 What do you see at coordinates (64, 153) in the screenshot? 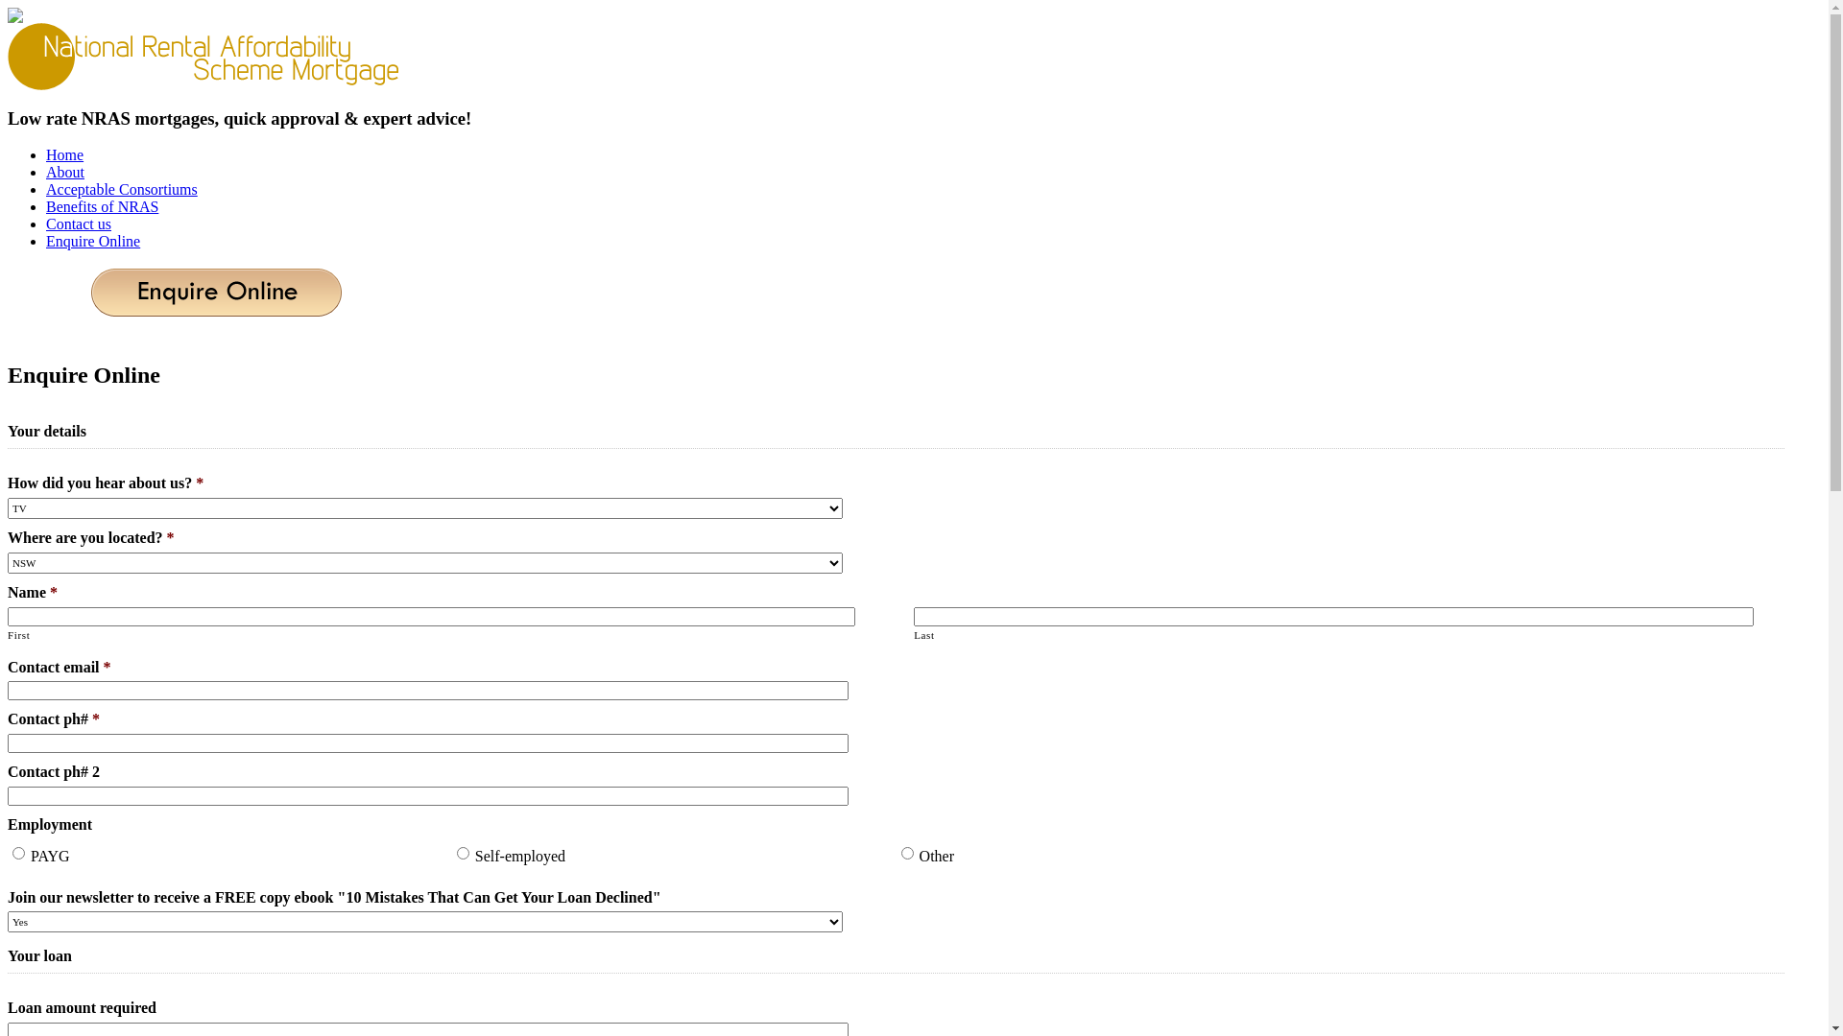
I see `'Home'` at bounding box center [64, 153].